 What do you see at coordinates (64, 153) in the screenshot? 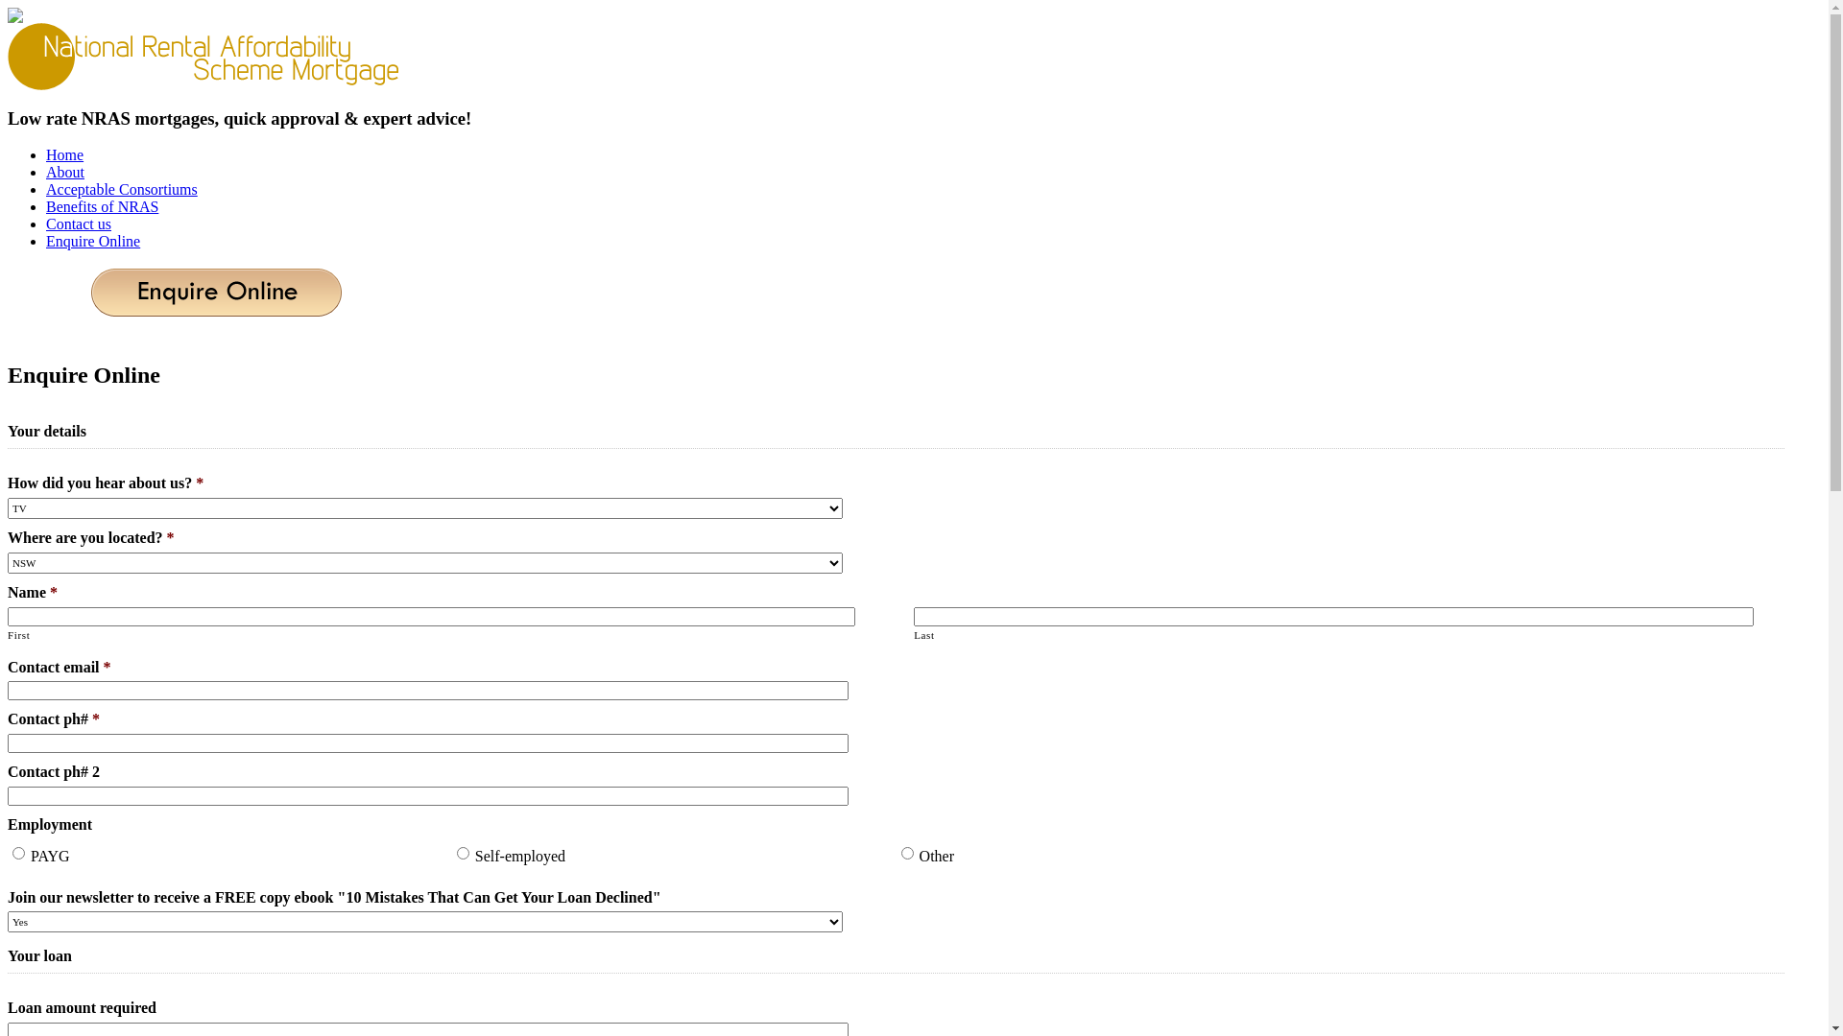
I see `'Home'` at bounding box center [64, 153].